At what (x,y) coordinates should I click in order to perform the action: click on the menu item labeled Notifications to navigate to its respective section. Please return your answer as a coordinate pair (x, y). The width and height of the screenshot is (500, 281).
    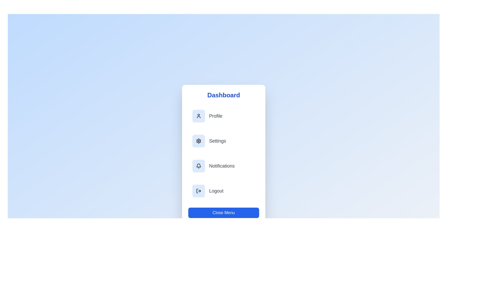
    Looking at the image, I should click on (224, 166).